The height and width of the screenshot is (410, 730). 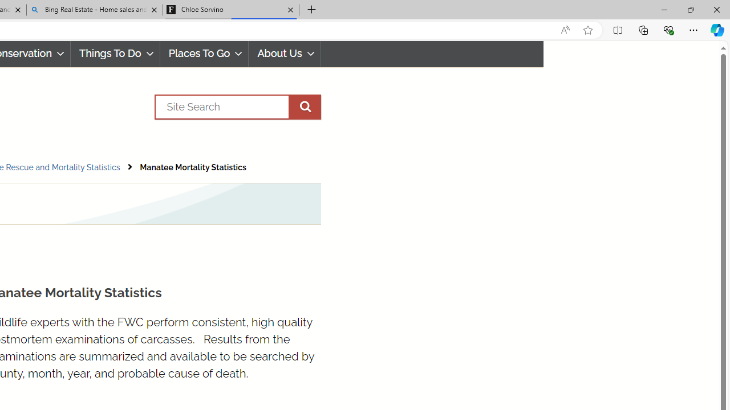 I want to click on 'Bing Real Estate - Home sales and rental listings', so click(x=95, y=10).